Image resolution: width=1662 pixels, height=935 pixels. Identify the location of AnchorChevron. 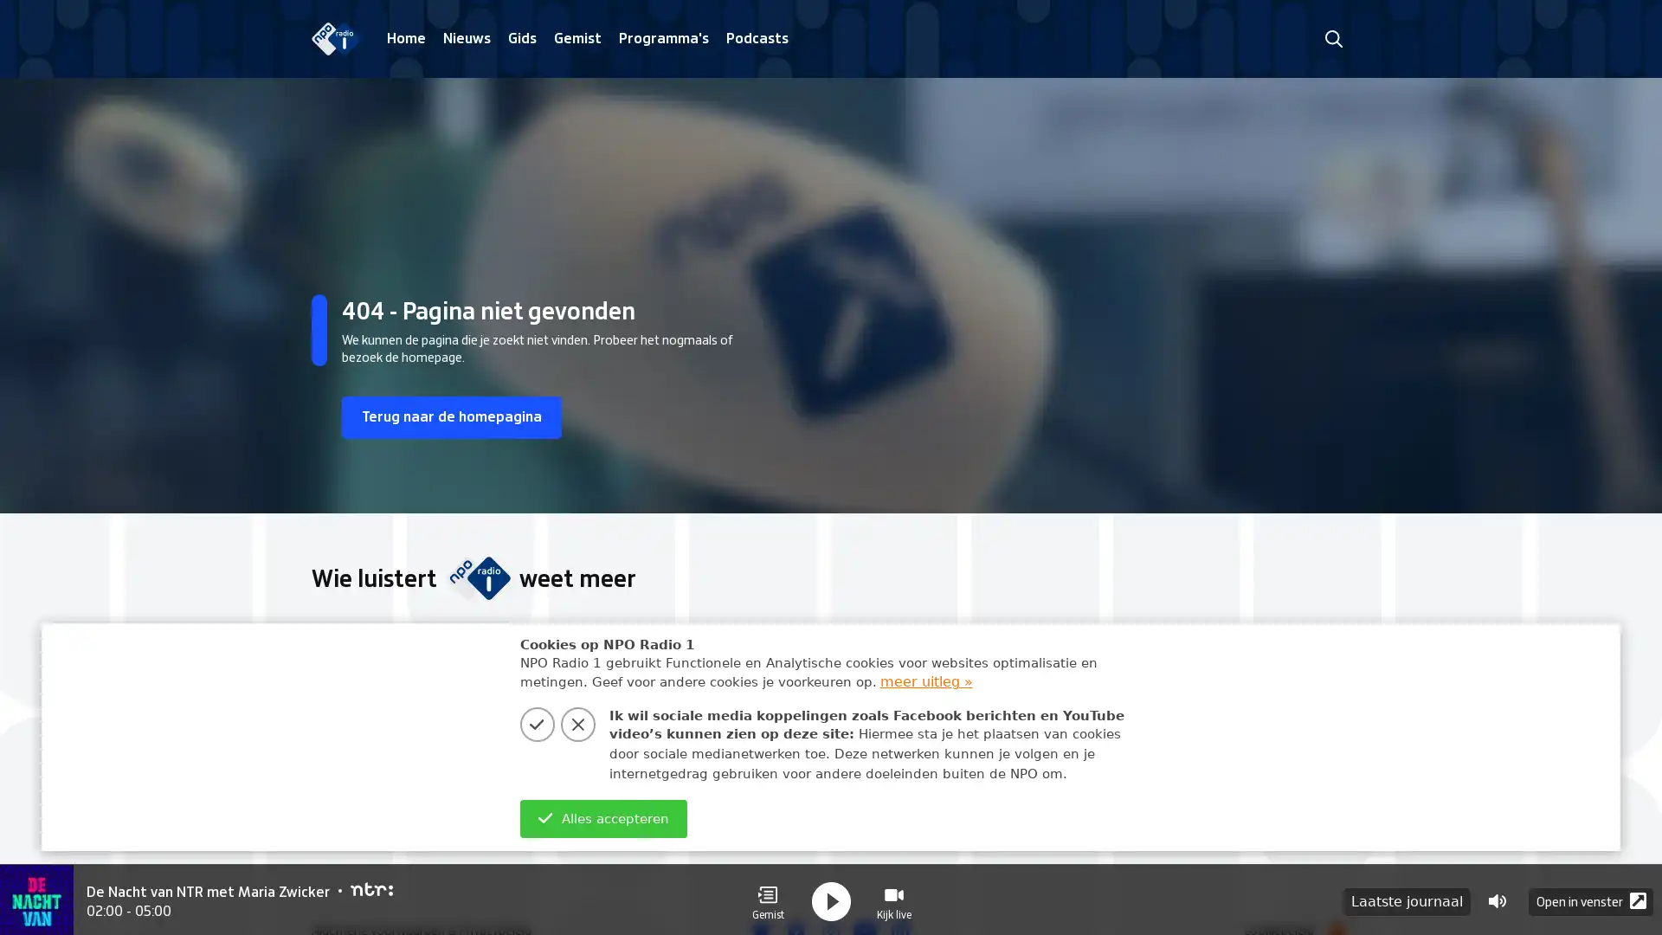
(1324, 743).